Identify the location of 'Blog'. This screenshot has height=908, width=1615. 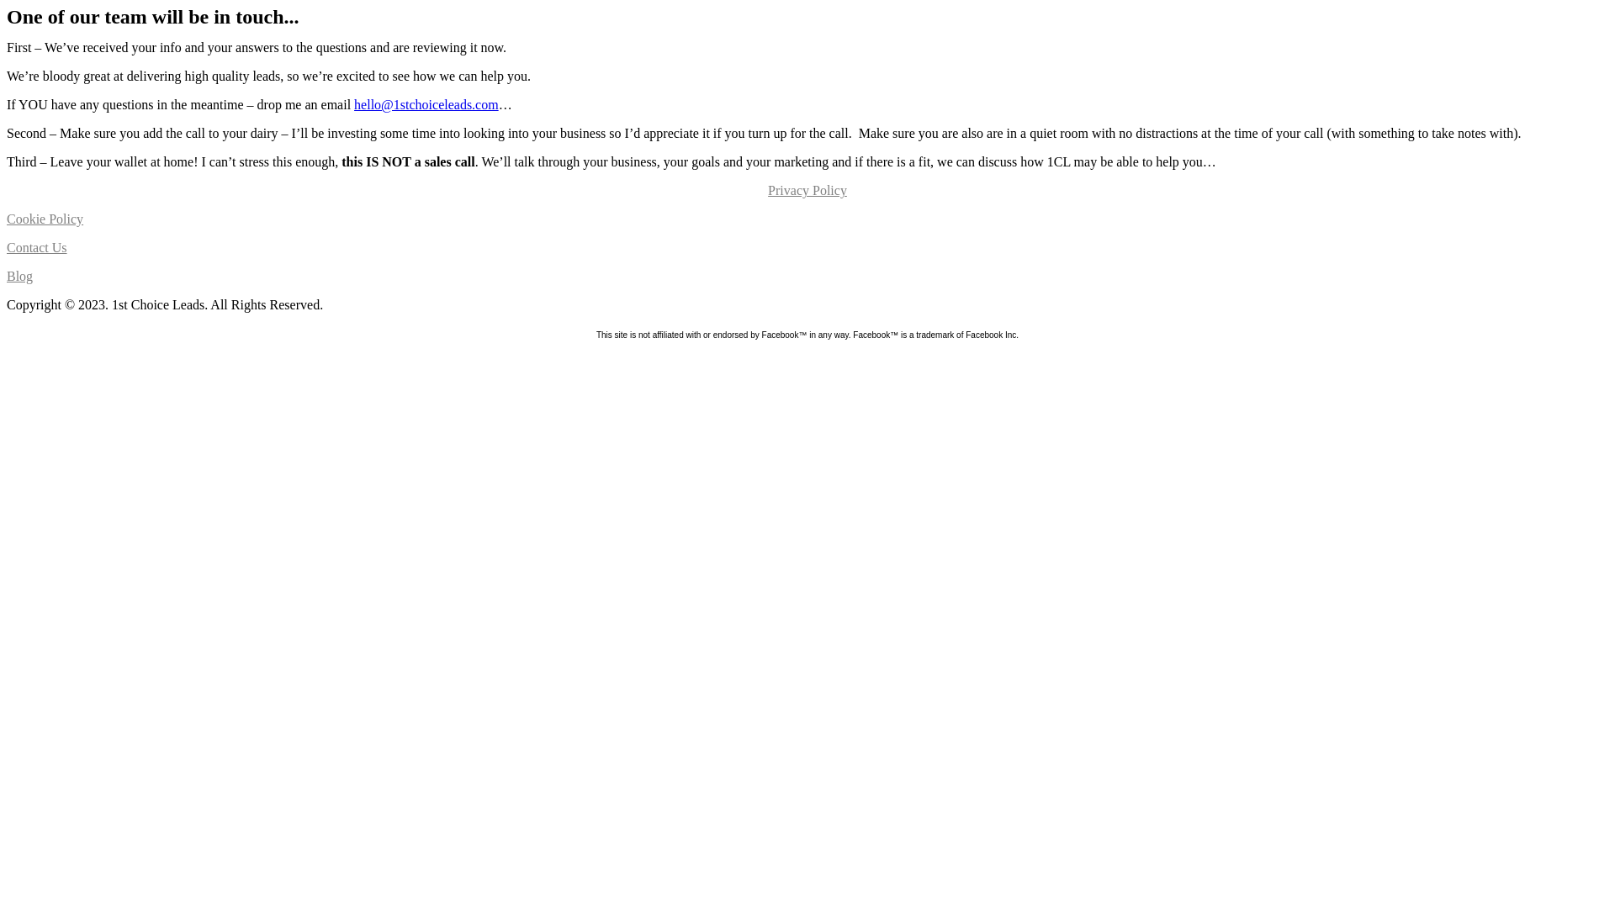
(19, 275).